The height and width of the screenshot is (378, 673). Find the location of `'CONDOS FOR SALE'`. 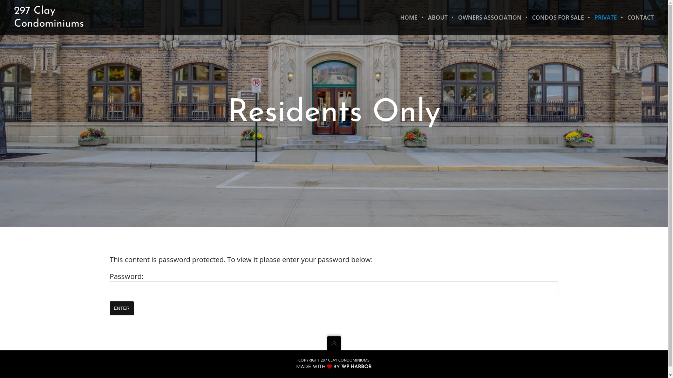

'CONDOS FOR SALE' is located at coordinates (526, 17).